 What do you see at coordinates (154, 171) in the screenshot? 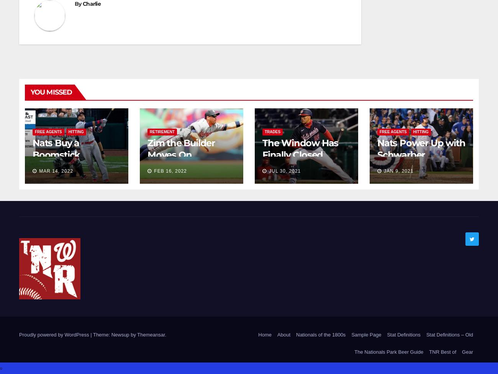
I see `'Feb 16, 2022'` at bounding box center [154, 171].